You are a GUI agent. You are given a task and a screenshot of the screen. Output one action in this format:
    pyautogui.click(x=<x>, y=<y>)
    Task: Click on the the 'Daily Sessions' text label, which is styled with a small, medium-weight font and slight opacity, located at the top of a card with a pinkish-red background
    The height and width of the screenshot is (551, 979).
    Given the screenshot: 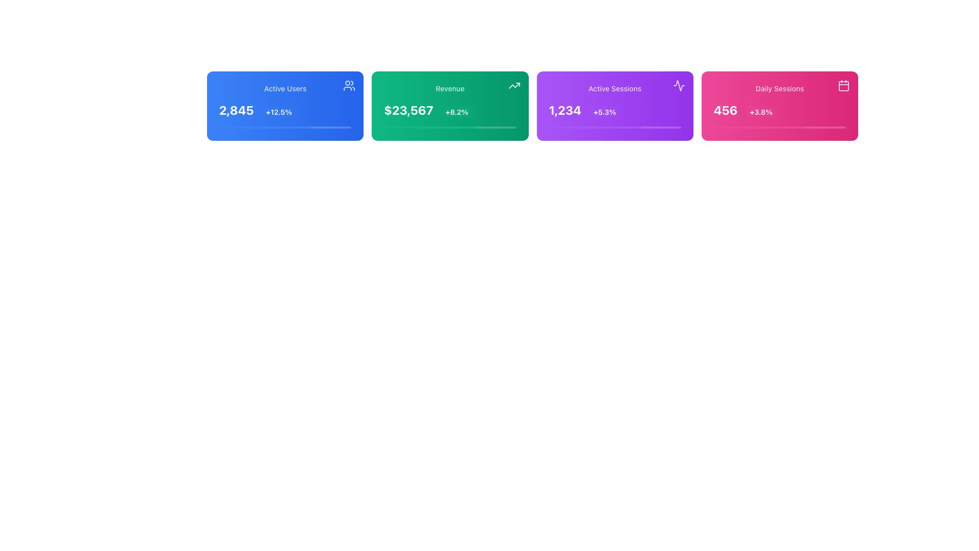 What is the action you would take?
    pyautogui.click(x=779, y=88)
    